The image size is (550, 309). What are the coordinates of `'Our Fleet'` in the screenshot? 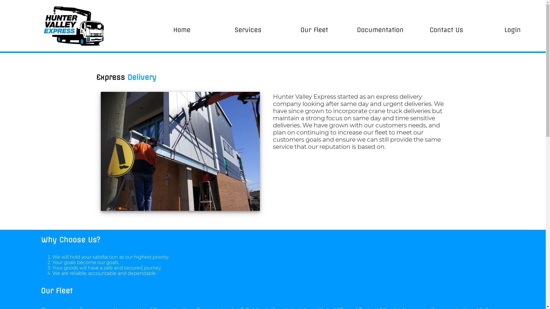 It's located at (314, 30).